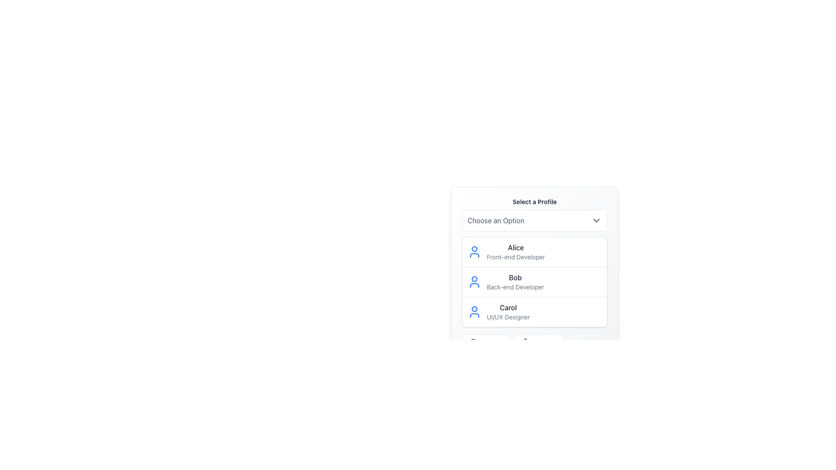 Image resolution: width=836 pixels, height=470 pixels. Describe the element at coordinates (534, 282) in the screenshot. I see `the selectable user profile option labeled 'Bob - Back-end Developer' in the list under the section 'Select a Profile'` at that location.